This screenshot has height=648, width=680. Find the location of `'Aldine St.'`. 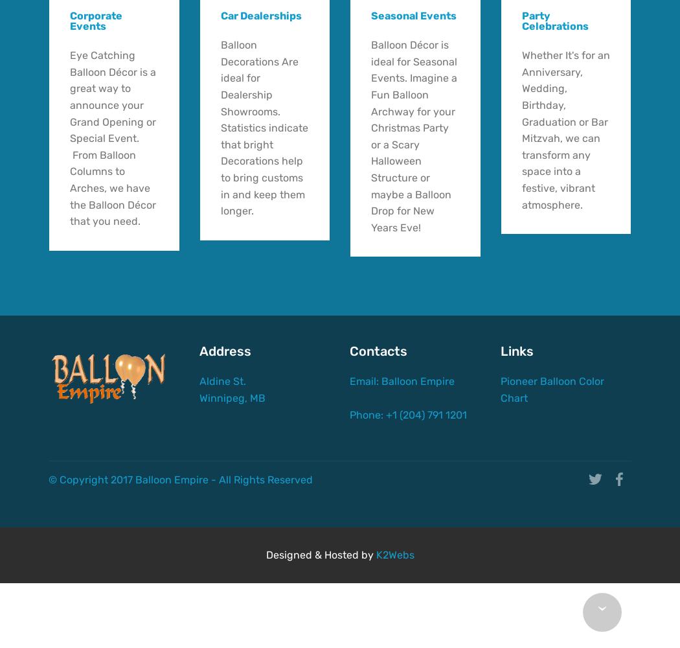

'Aldine St.' is located at coordinates (248, 380).